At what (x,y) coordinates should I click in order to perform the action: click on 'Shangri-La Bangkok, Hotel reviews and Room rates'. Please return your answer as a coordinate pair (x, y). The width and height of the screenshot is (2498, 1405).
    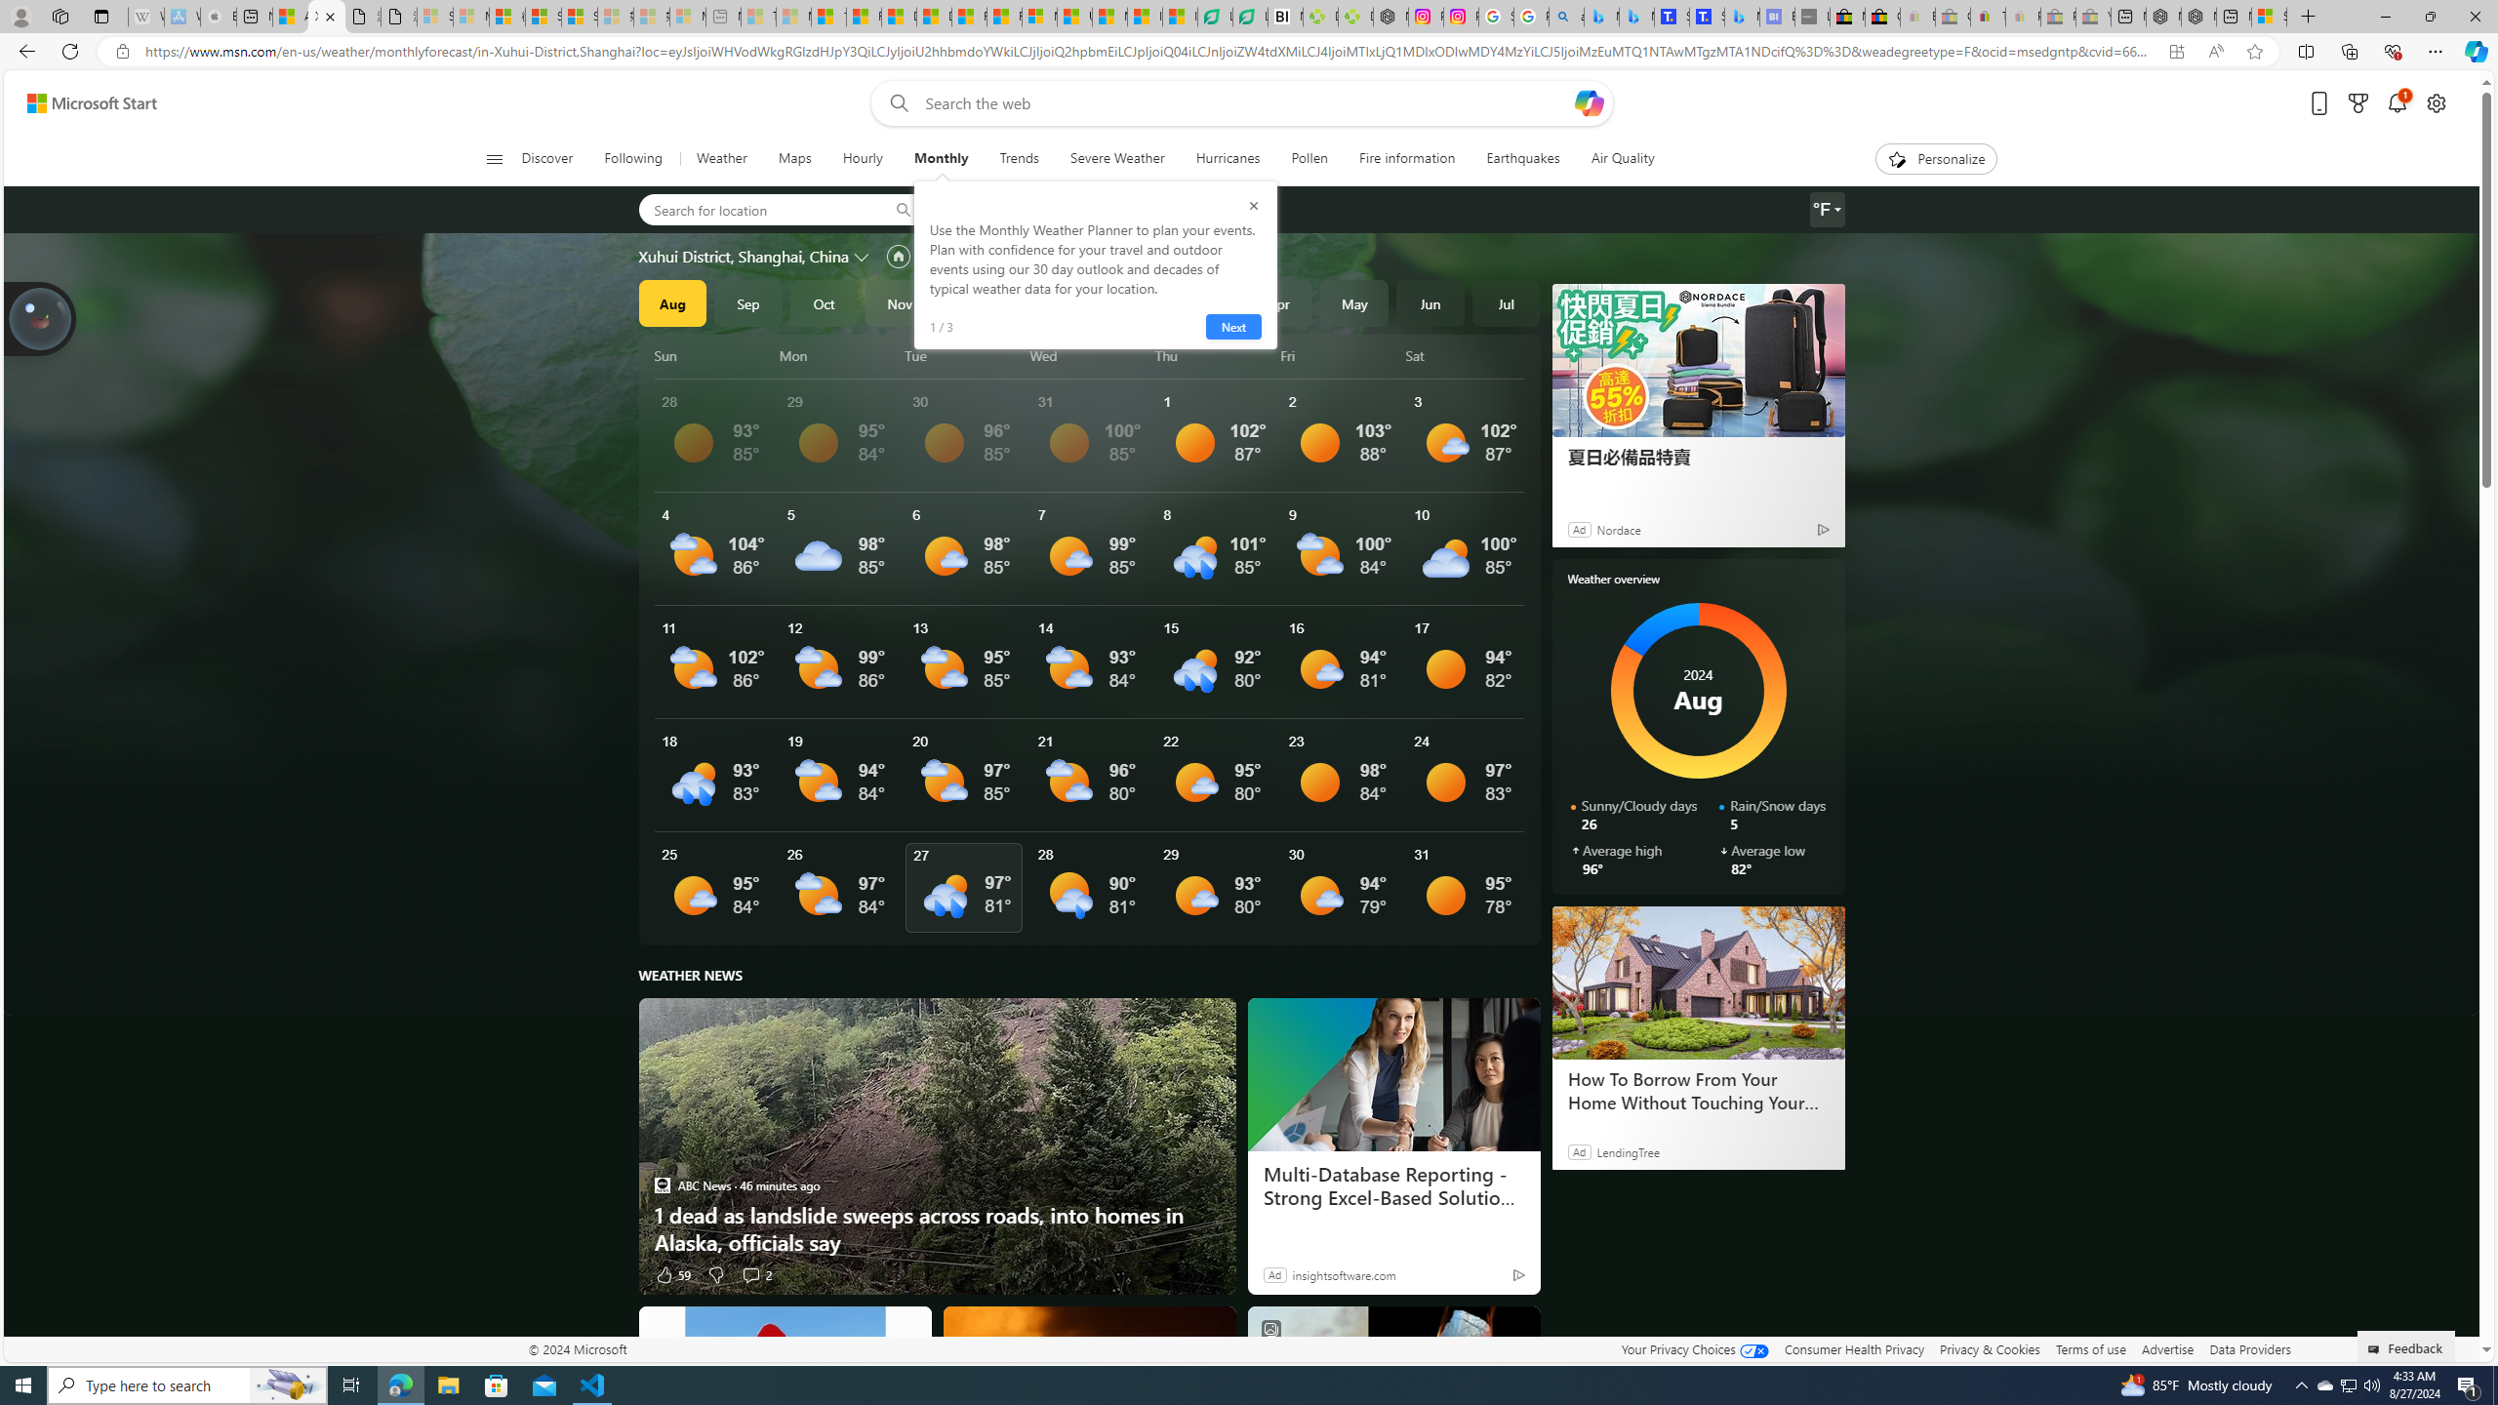
    Looking at the image, I should click on (1706, 16).